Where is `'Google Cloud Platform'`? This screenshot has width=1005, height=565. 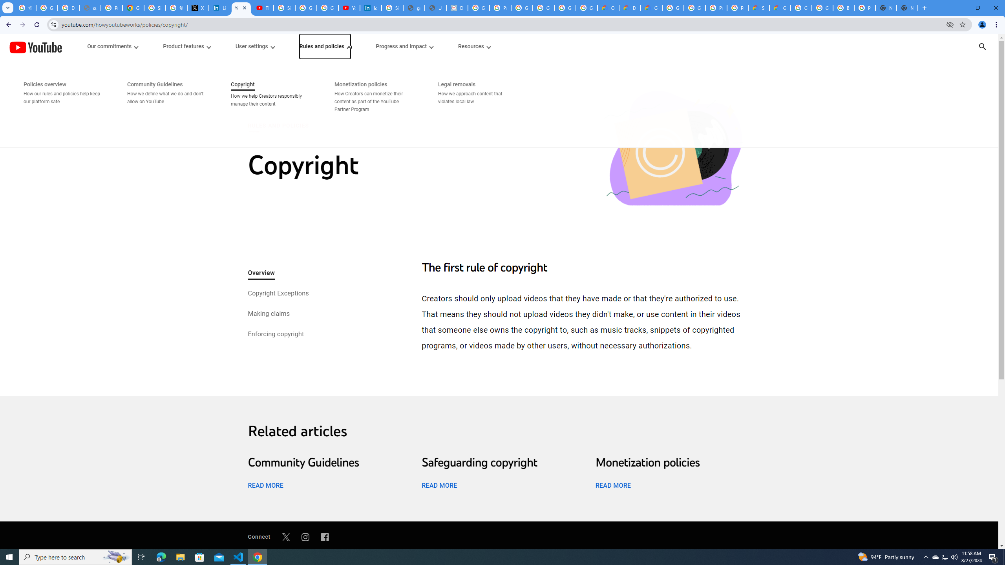
'Google Cloud Platform' is located at coordinates (694, 7).